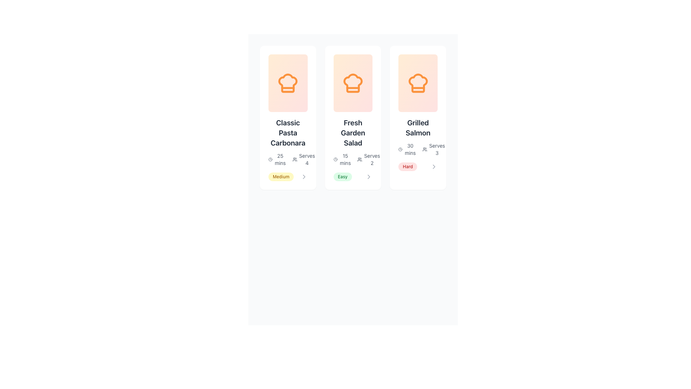 The width and height of the screenshot is (691, 389). I want to click on the circular clock icon located within the 'Grilled Salmon' card, positioned to the left of the '30 mins' text, so click(400, 149).